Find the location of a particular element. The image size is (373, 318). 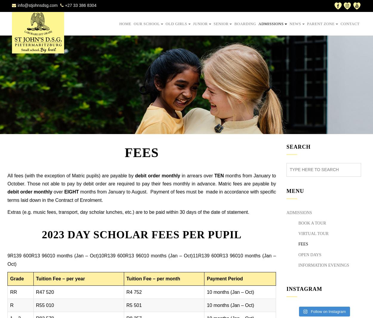

'info@stjohnsdsg.com' is located at coordinates (38, 5).